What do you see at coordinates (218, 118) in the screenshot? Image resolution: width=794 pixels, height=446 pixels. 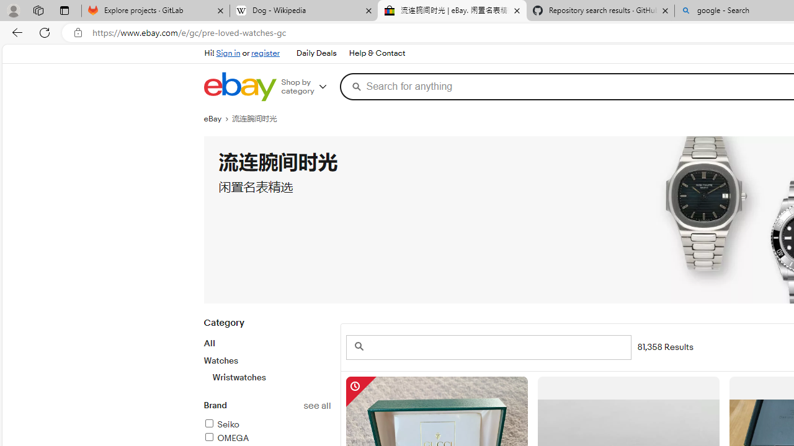 I see `'eBay'` at bounding box center [218, 118].